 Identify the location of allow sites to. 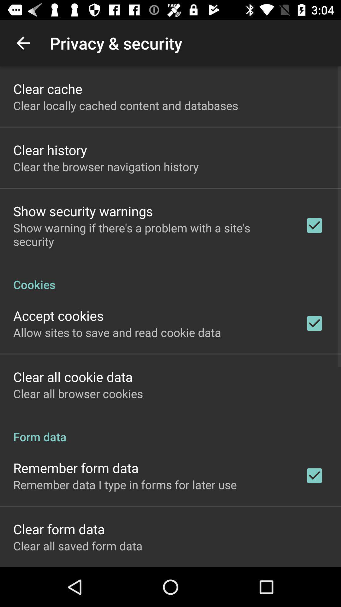
(117, 332).